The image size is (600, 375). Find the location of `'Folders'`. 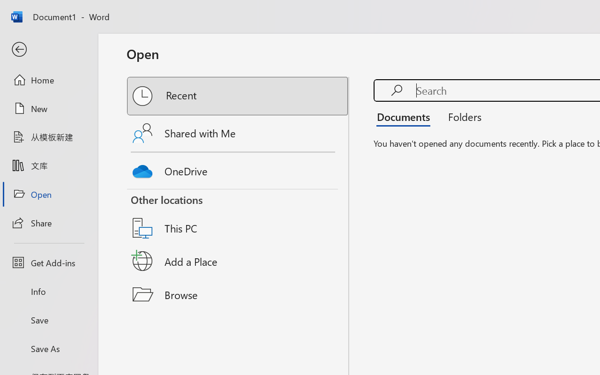

'Folders' is located at coordinates (461, 116).